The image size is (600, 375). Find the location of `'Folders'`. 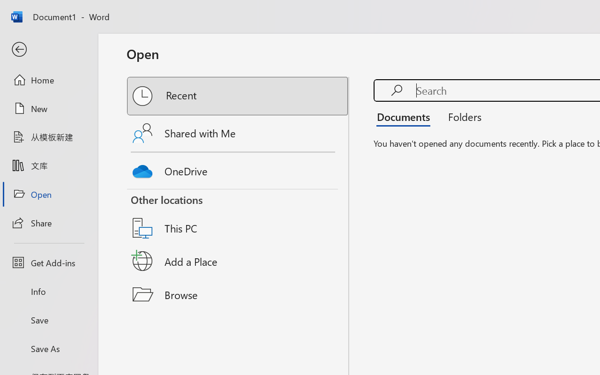

'Folders' is located at coordinates (461, 116).